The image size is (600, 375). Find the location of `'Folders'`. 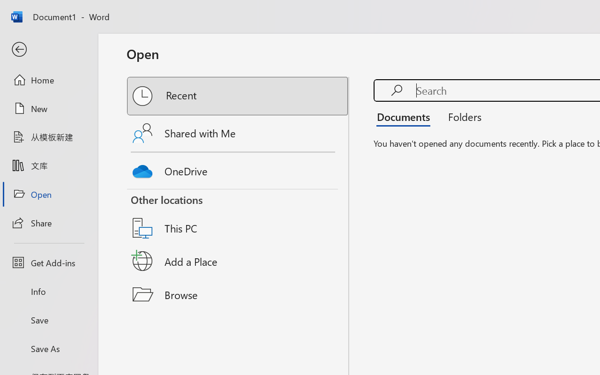

'Folders' is located at coordinates (461, 116).